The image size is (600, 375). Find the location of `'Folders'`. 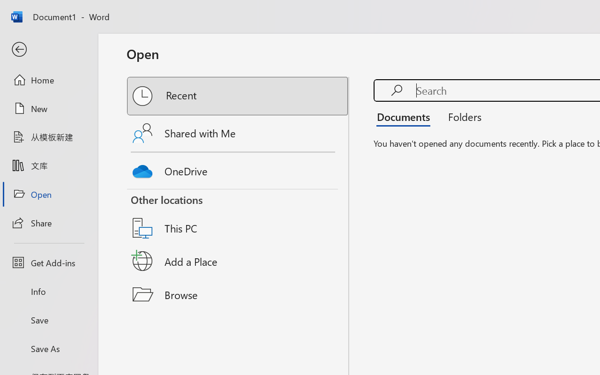

'Folders' is located at coordinates (461, 116).